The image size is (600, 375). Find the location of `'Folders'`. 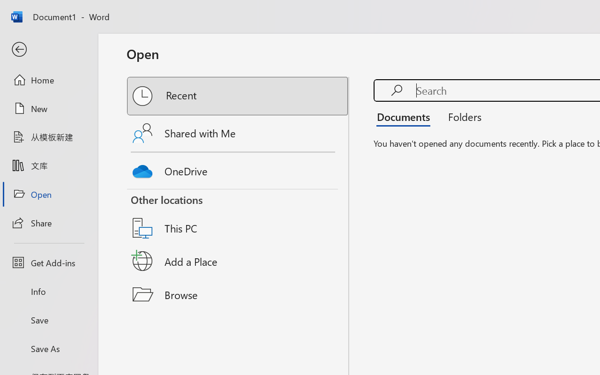

'Folders' is located at coordinates (461, 116).